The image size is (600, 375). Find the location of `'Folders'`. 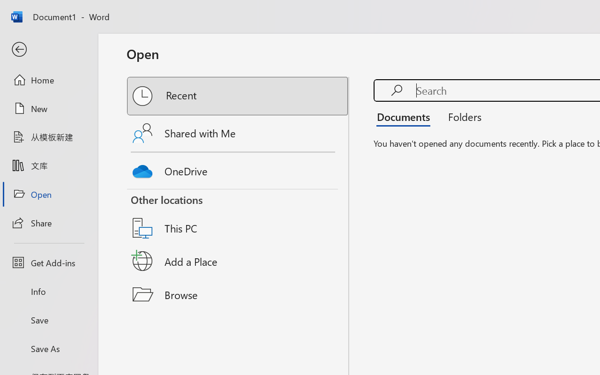

'Folders' is located at coordinates (461, 116).